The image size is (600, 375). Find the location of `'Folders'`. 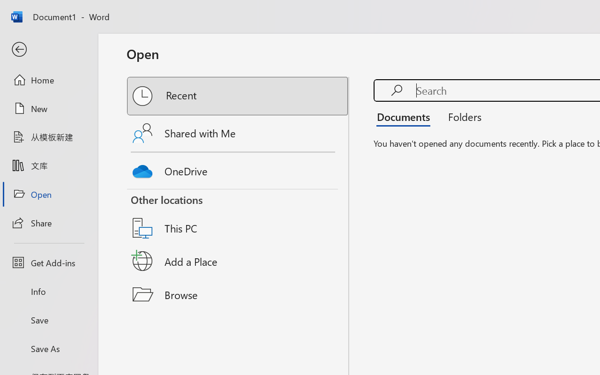

'Folders' is located at coordinates (461, 116).